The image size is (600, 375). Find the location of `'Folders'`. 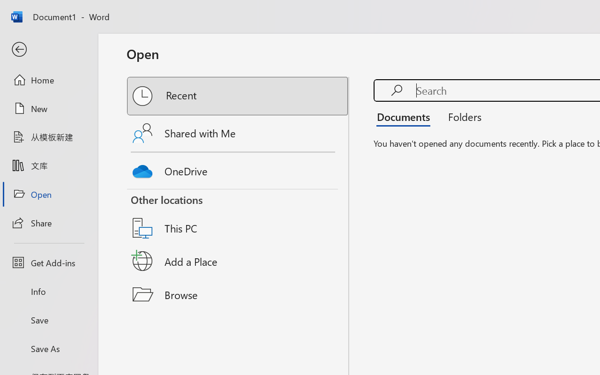

'Folders' is located at coordinates (461, 116).